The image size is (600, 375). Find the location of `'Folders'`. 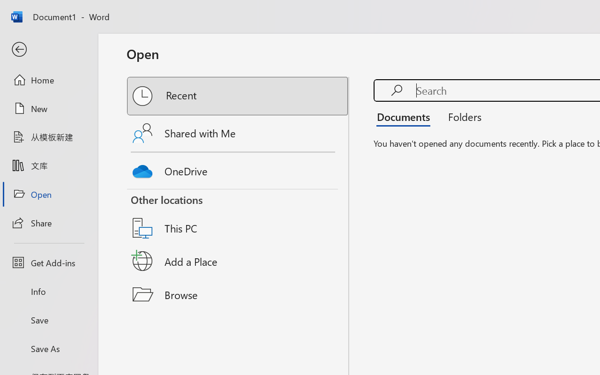

'Folders' is located at coordinates (461, 116).